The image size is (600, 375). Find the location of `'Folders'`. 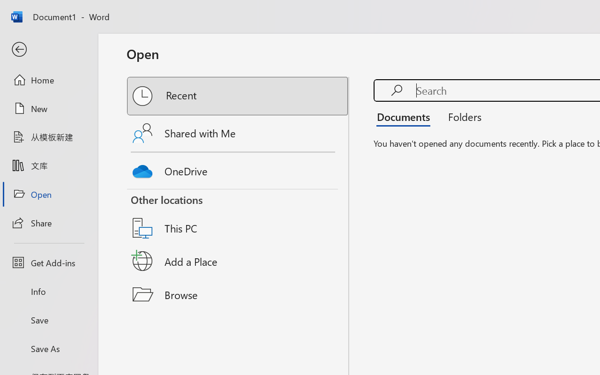

'Folders' is located at coordinates (461, 116).